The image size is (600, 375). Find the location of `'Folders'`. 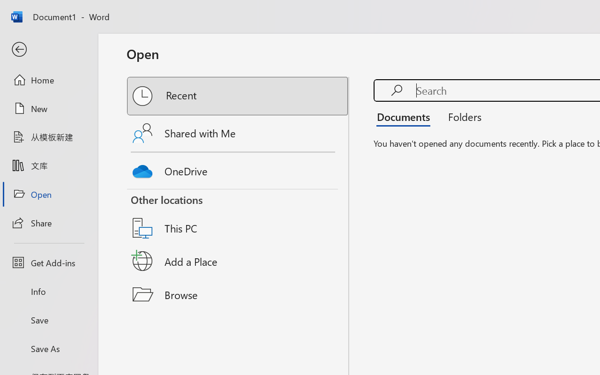

'Folders' is located at coordinates (461, 116).